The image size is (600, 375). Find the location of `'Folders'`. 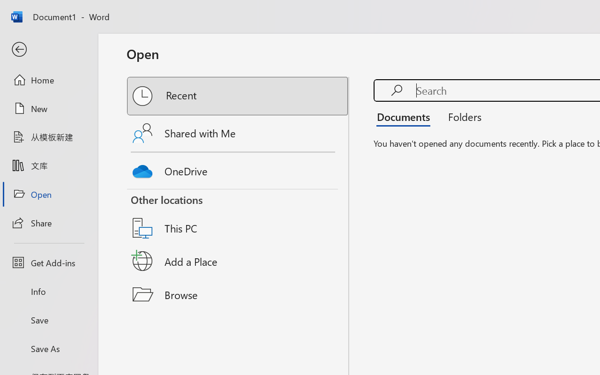

'Folders' is located at coordinates (461, 116).